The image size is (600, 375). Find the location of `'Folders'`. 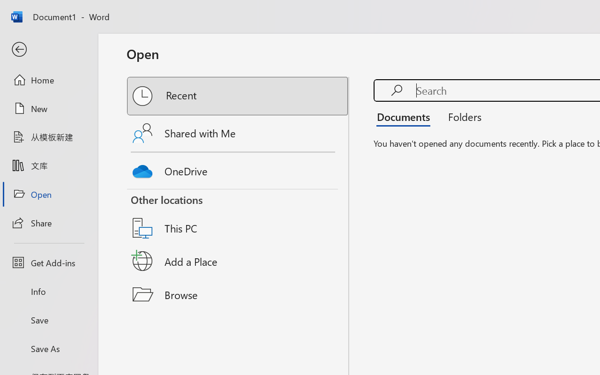

'Folders' is located at coordinates (461, 116).